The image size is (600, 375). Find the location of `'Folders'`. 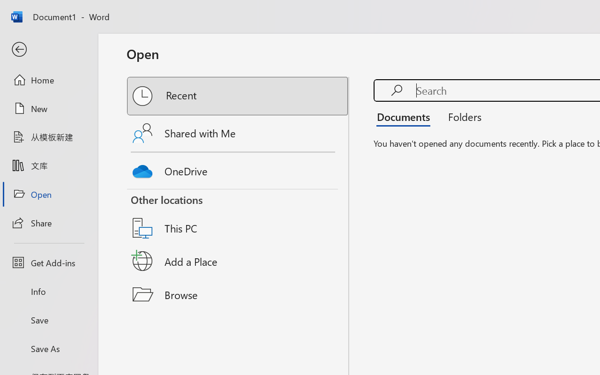

'Folders' is located at coordinates (461, 116).